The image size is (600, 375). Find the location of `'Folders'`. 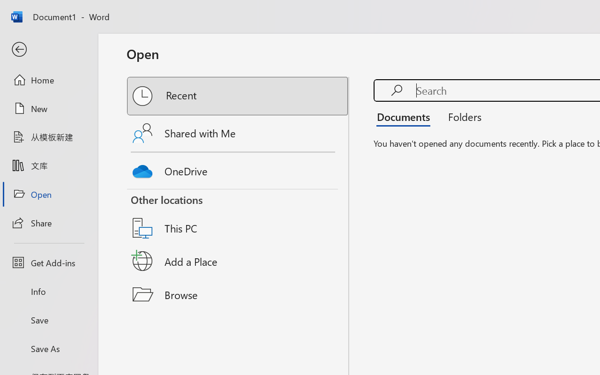

'Folders' is located at coordinates (461, 116).